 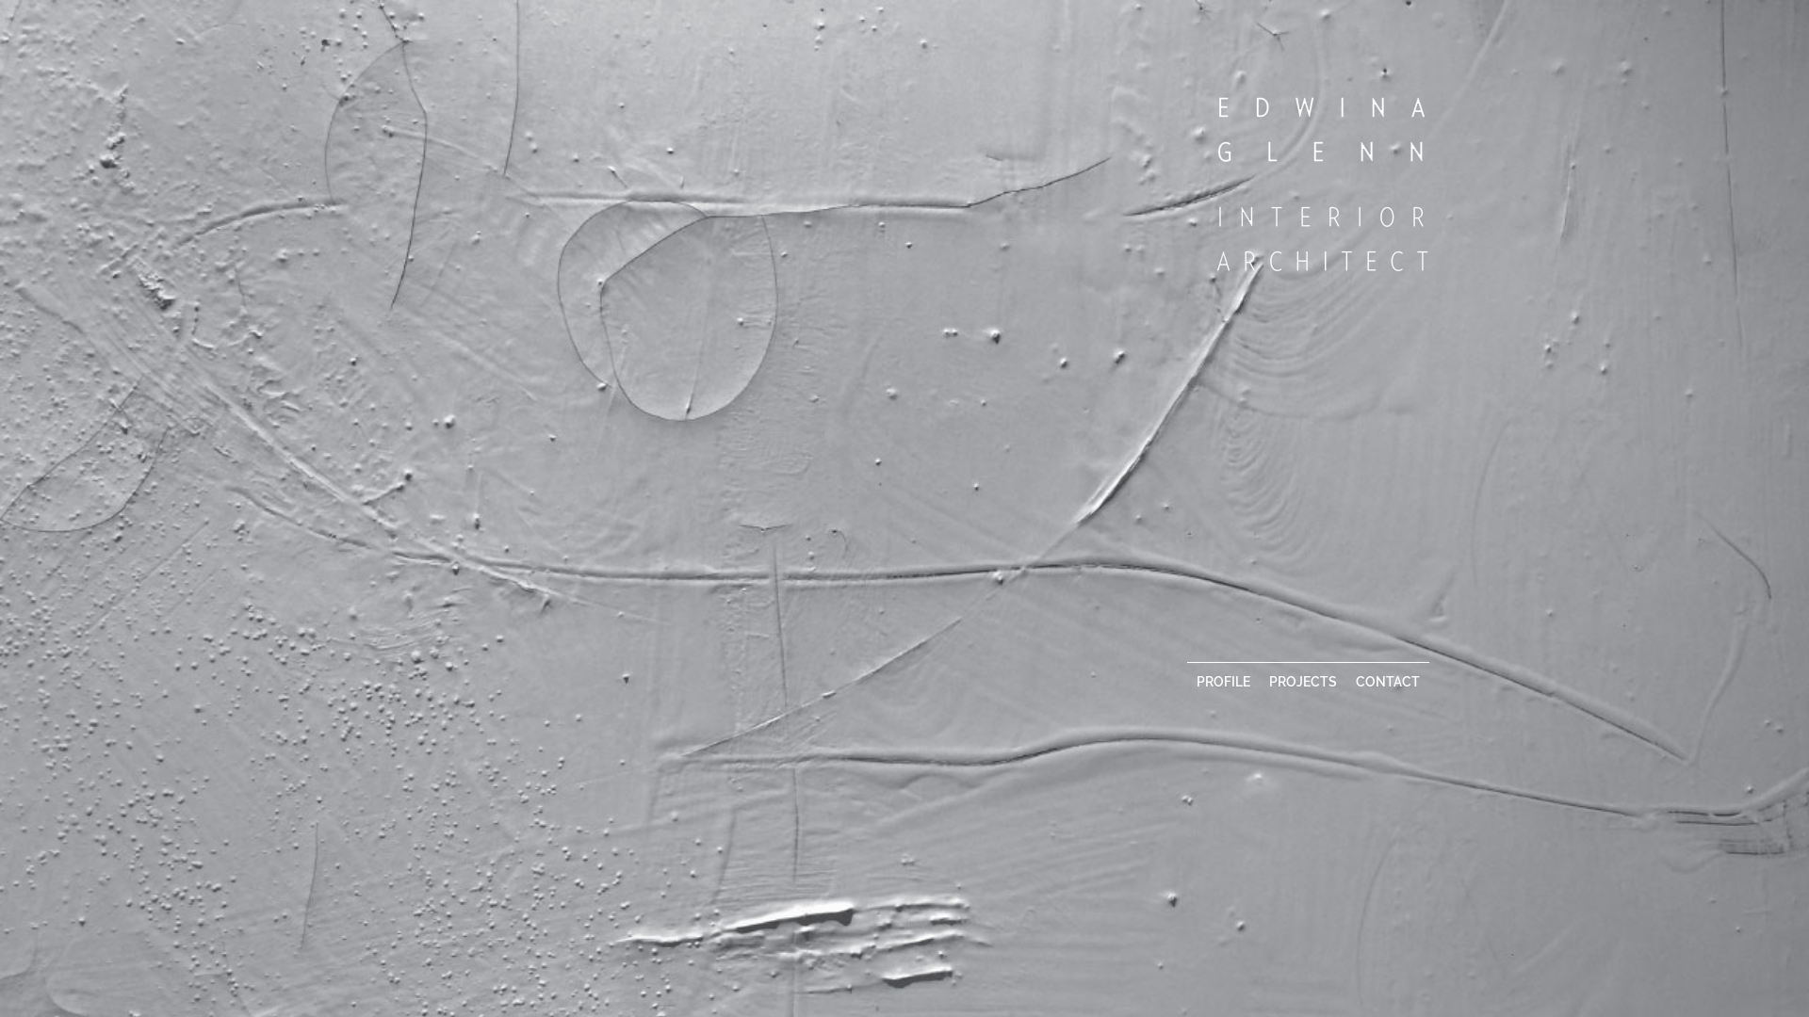 What do you see at coordinates (1223, 680) in the screenshot?
I see `'PROFILE'` at bounding box center [1223, 680].